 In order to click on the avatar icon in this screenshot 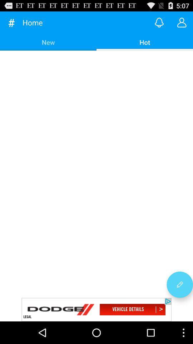, I will do `click(182, 24)`.